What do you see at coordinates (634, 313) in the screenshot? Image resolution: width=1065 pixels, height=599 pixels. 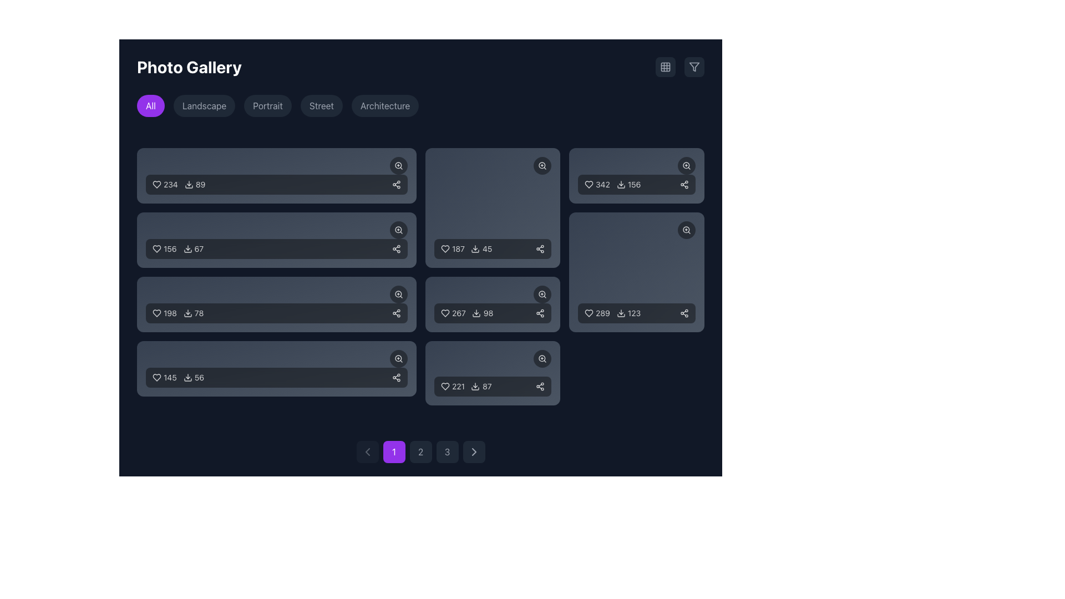 I see `the static text displaying the number '123' located at the bottom-right corner of a card-like structure, which is styled with a smaller font size and light grayish color` at bounding box center [634, 313].